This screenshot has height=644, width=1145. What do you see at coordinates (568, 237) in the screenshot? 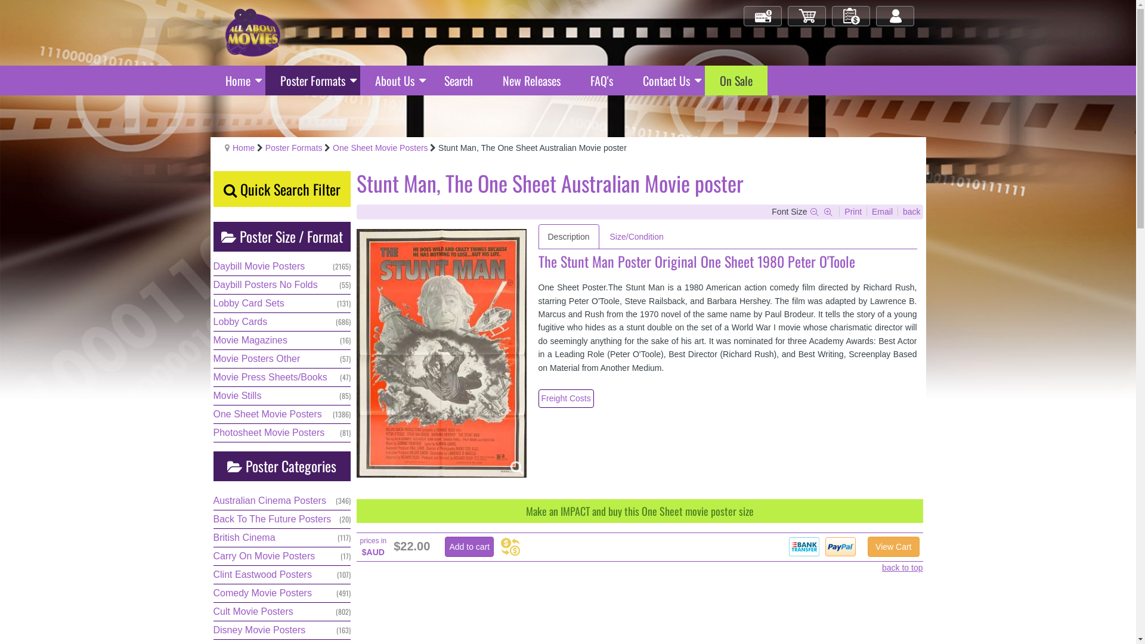
I see `'Description'` at bounding box center [568, 237].